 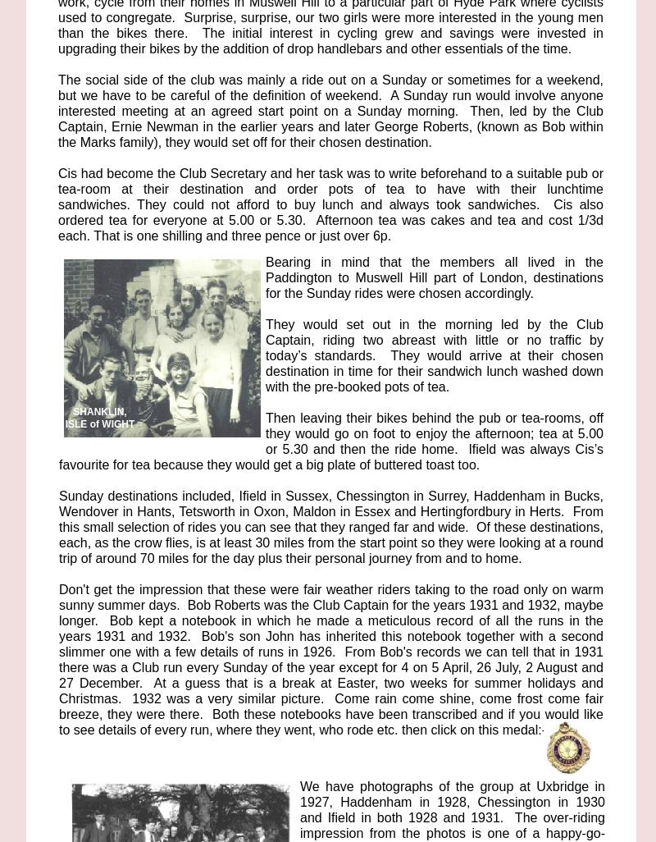 I want to click on 'booked pots of tea.', so click(x=338, y=386).